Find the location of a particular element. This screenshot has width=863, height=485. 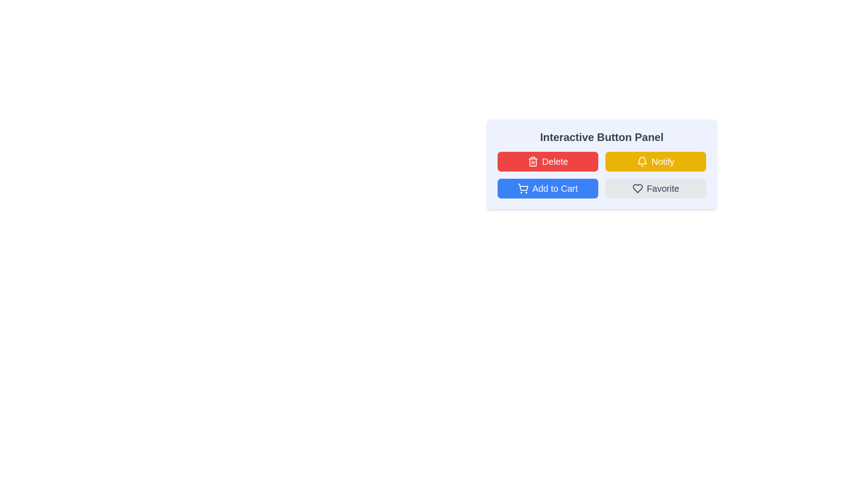

the 'Add to Cart' icon located within the blue button at the bottom left of the button panel is located at coordinates (523, 187).